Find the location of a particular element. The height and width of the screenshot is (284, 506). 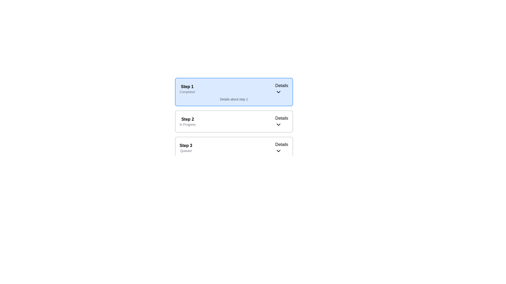

the dropdown initiator for 'Step 2' is located at coordinates (281, 121).